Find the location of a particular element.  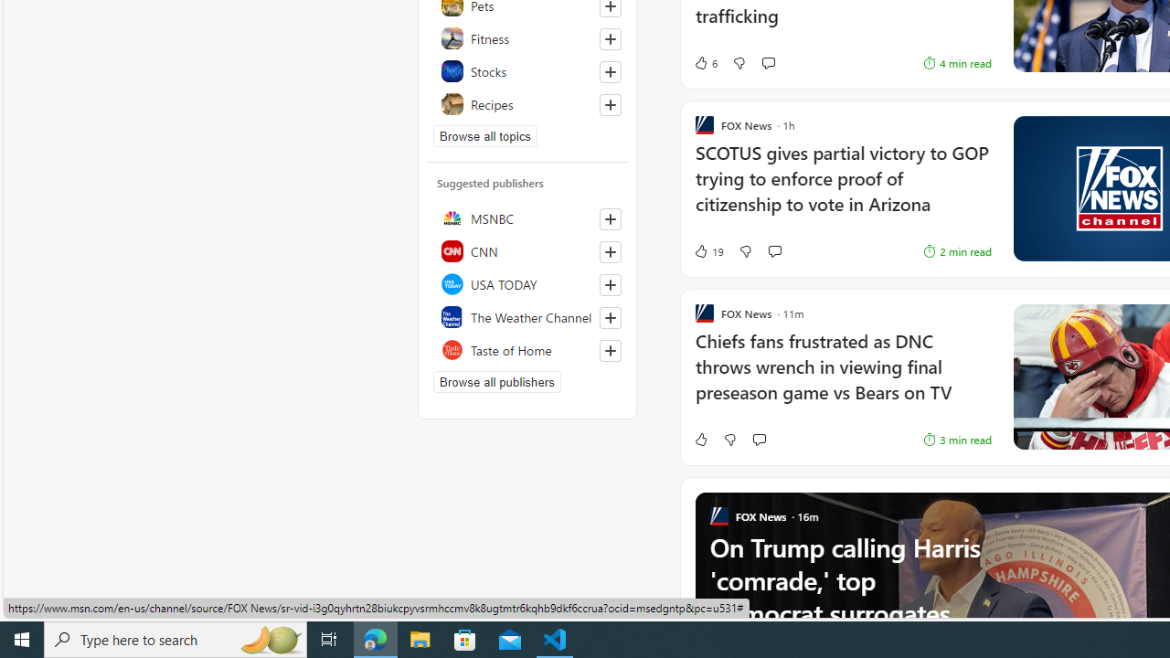

'6 Like' is located at coordinates (704, 61).